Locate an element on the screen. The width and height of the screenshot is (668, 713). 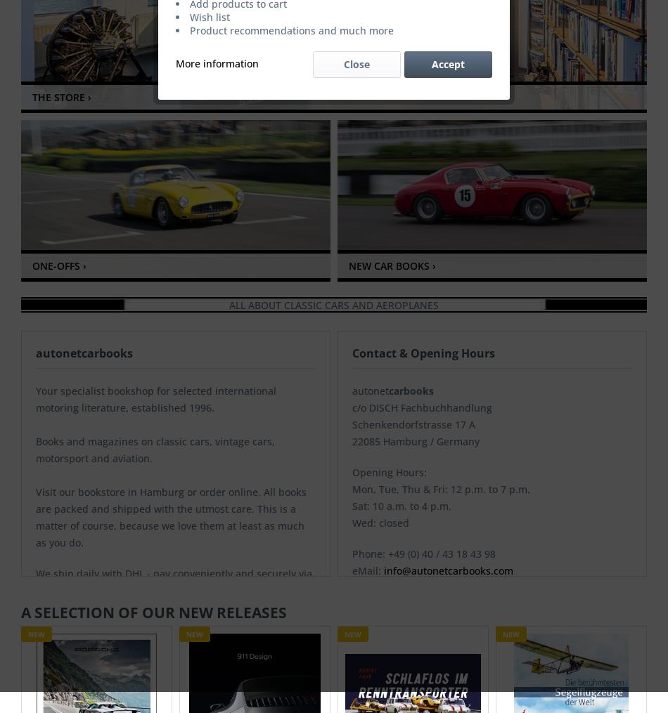
'Sat: 10 a.m. to 4 p.m.' is located at coordinates (402, 505).